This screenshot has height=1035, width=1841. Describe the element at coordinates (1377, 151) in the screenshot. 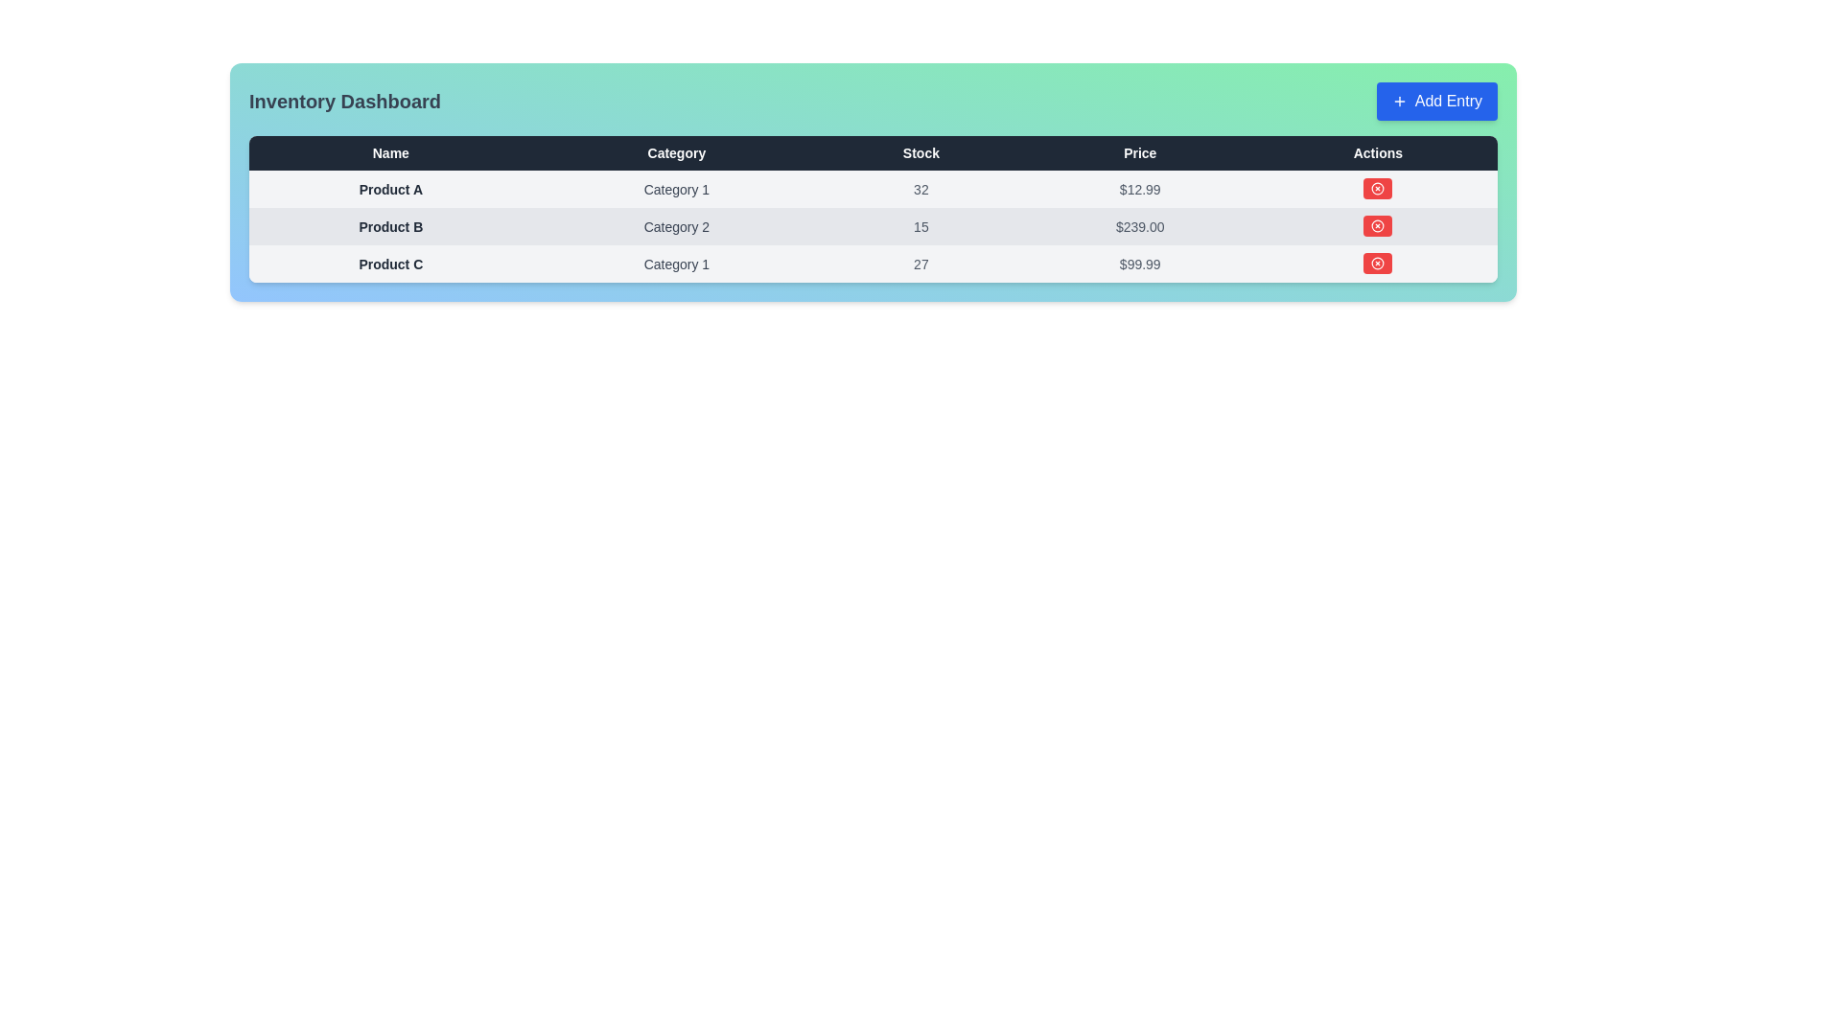

I see `the Table Header Cell displaying 'Actions', located at the top right of the table with a dark background and white text` at that location.